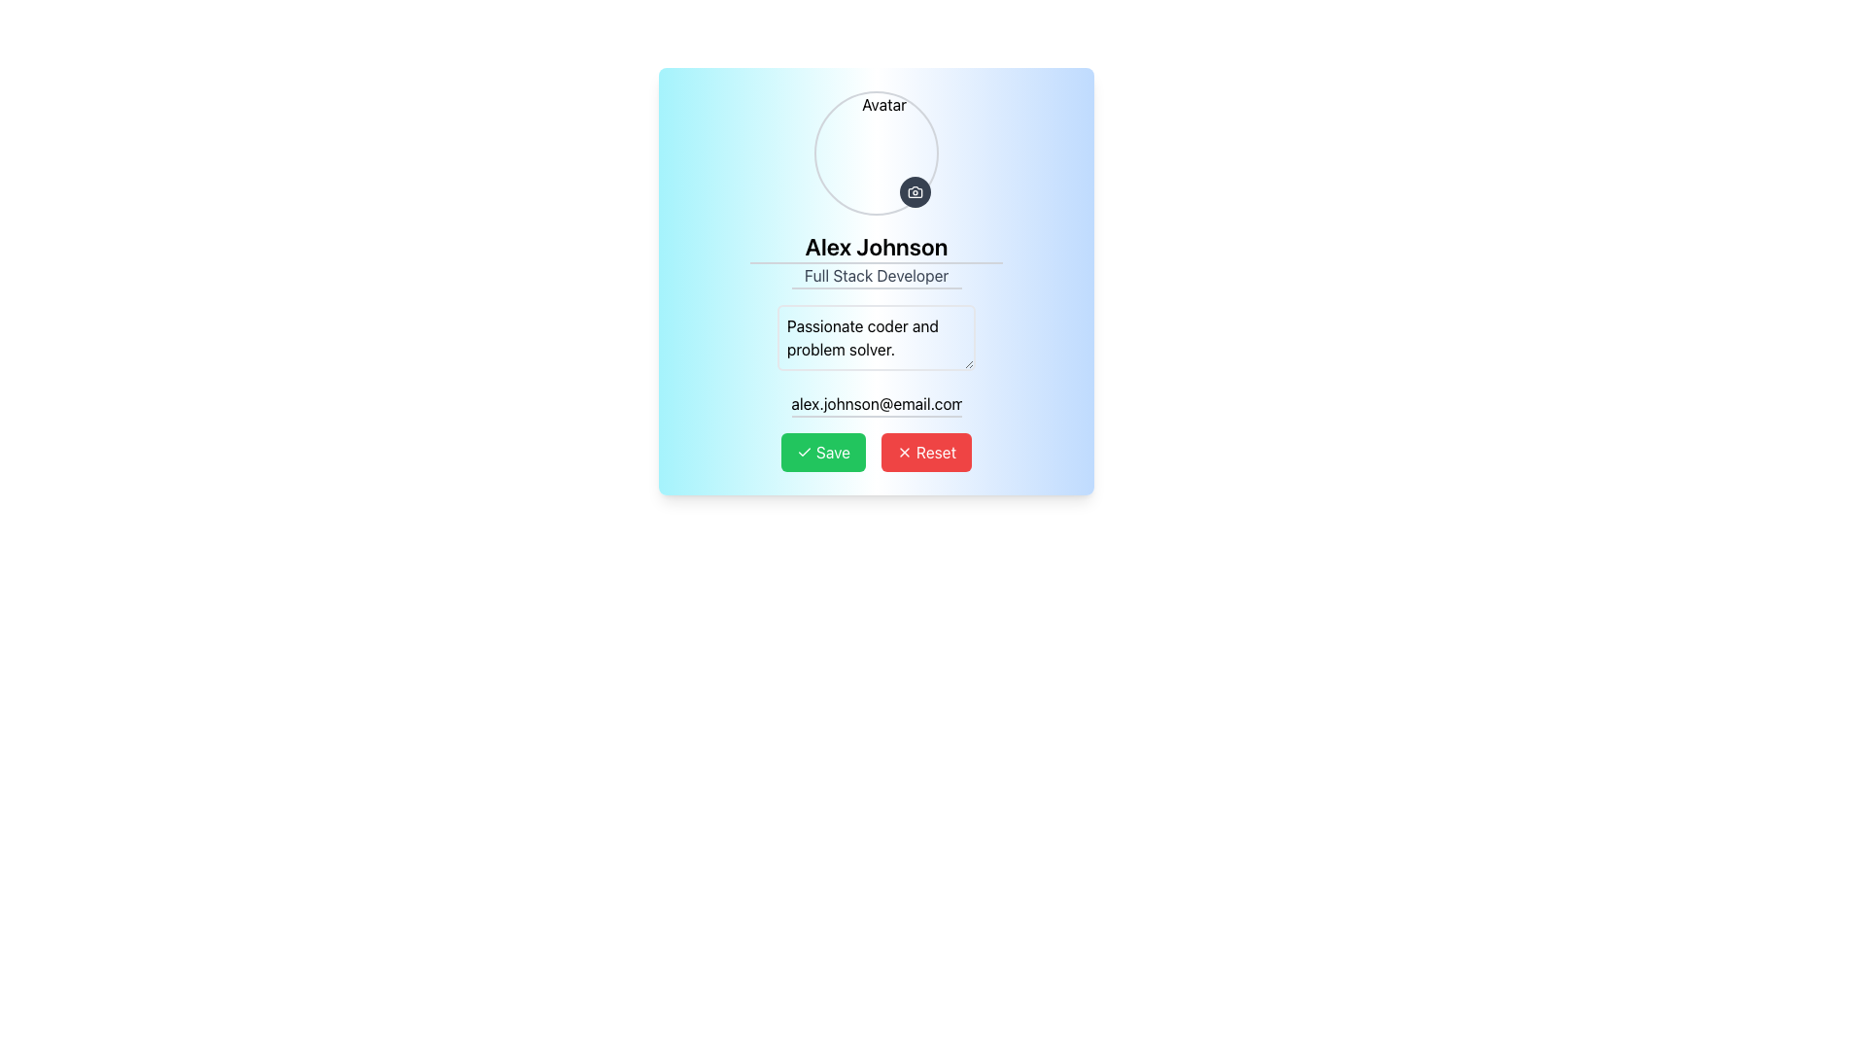 This screenshot has width=1866, height=1049. What do you see at coordinates (914, 191) in the screenshot?
I see `the camera icon's lens area, which is characterized by a black outline and minimalistic design, located at the top center of the user profile card` at bounding box center [914, 191].